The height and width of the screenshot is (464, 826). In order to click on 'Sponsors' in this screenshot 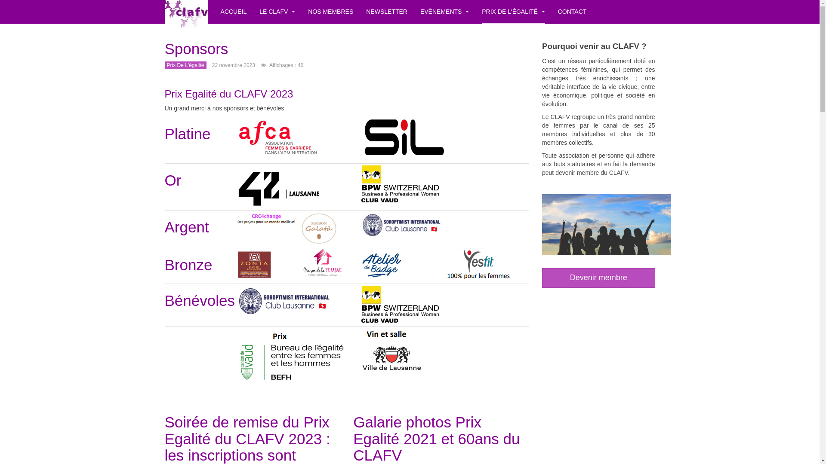, I will do `click(196, 49)`.